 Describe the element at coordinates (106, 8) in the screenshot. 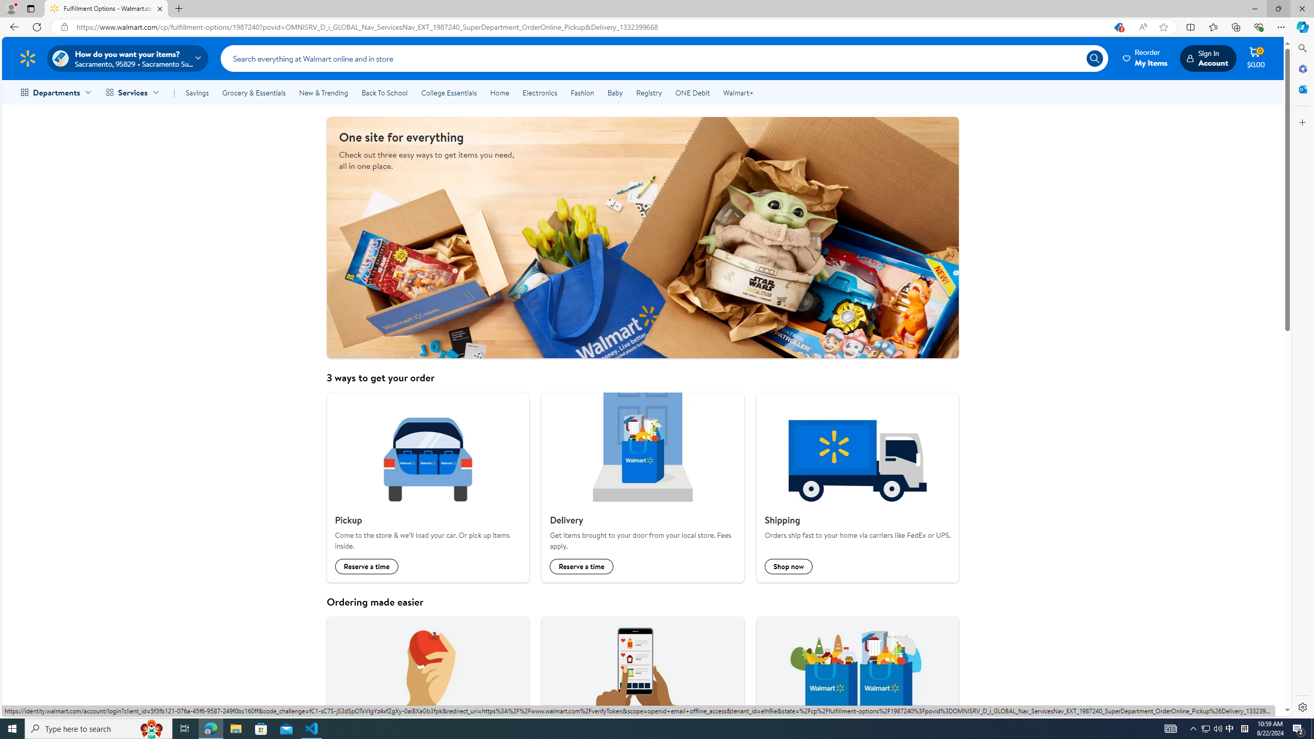

I see `'Fulfillment Options - Walmart.com'` at that location.